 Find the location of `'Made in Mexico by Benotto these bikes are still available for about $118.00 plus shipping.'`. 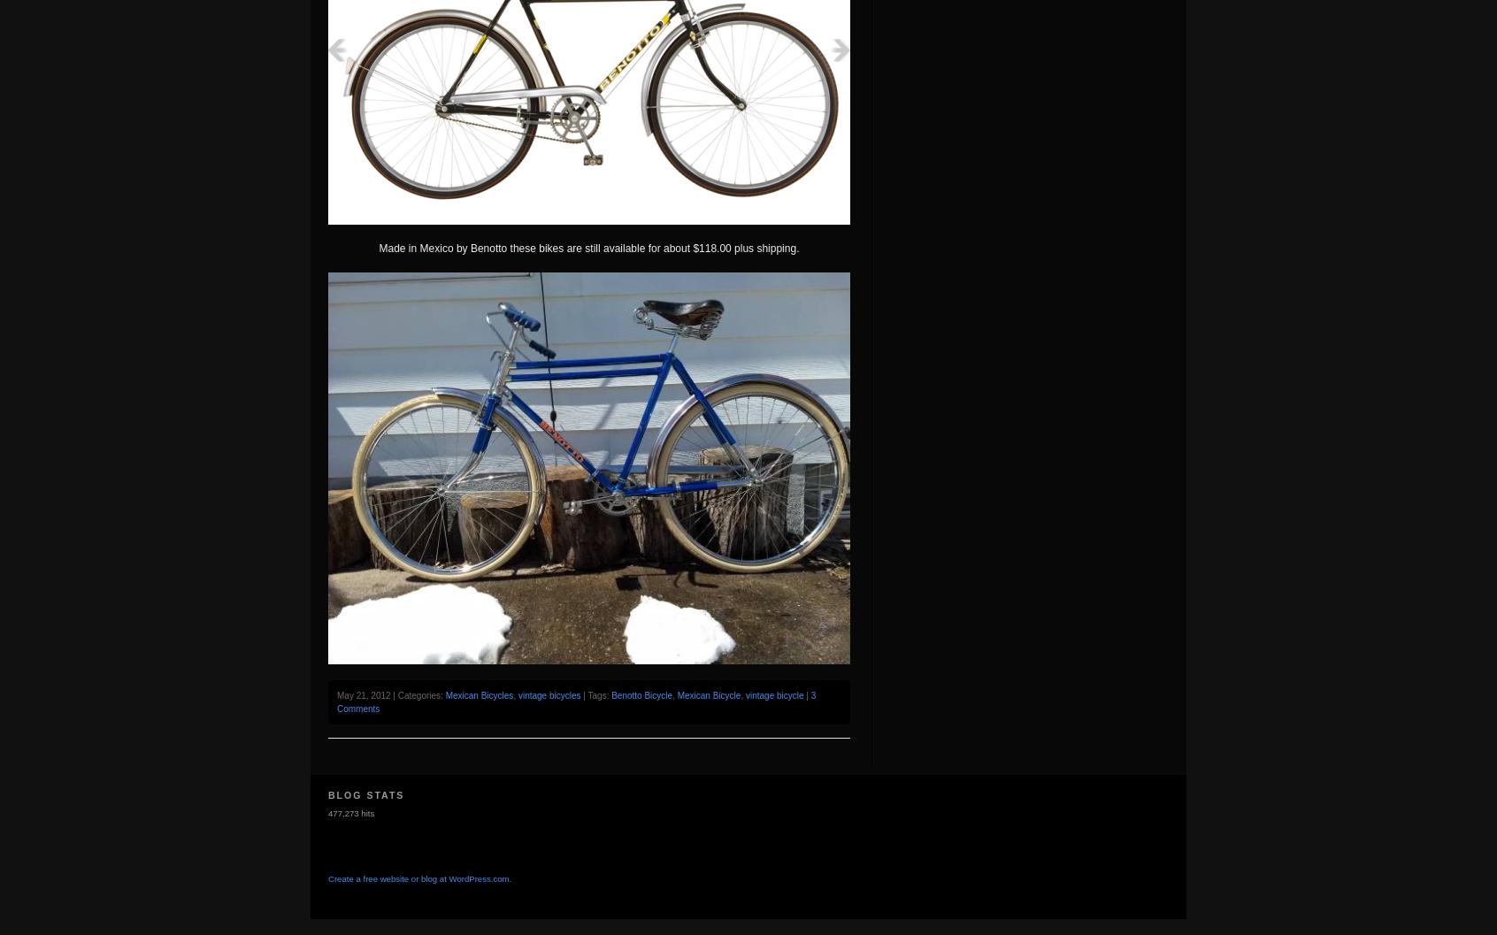

'Made in Mexico by Benotto these bikes are still available for about $118.00 plus shipping.' is located at coordinates (588, 247).